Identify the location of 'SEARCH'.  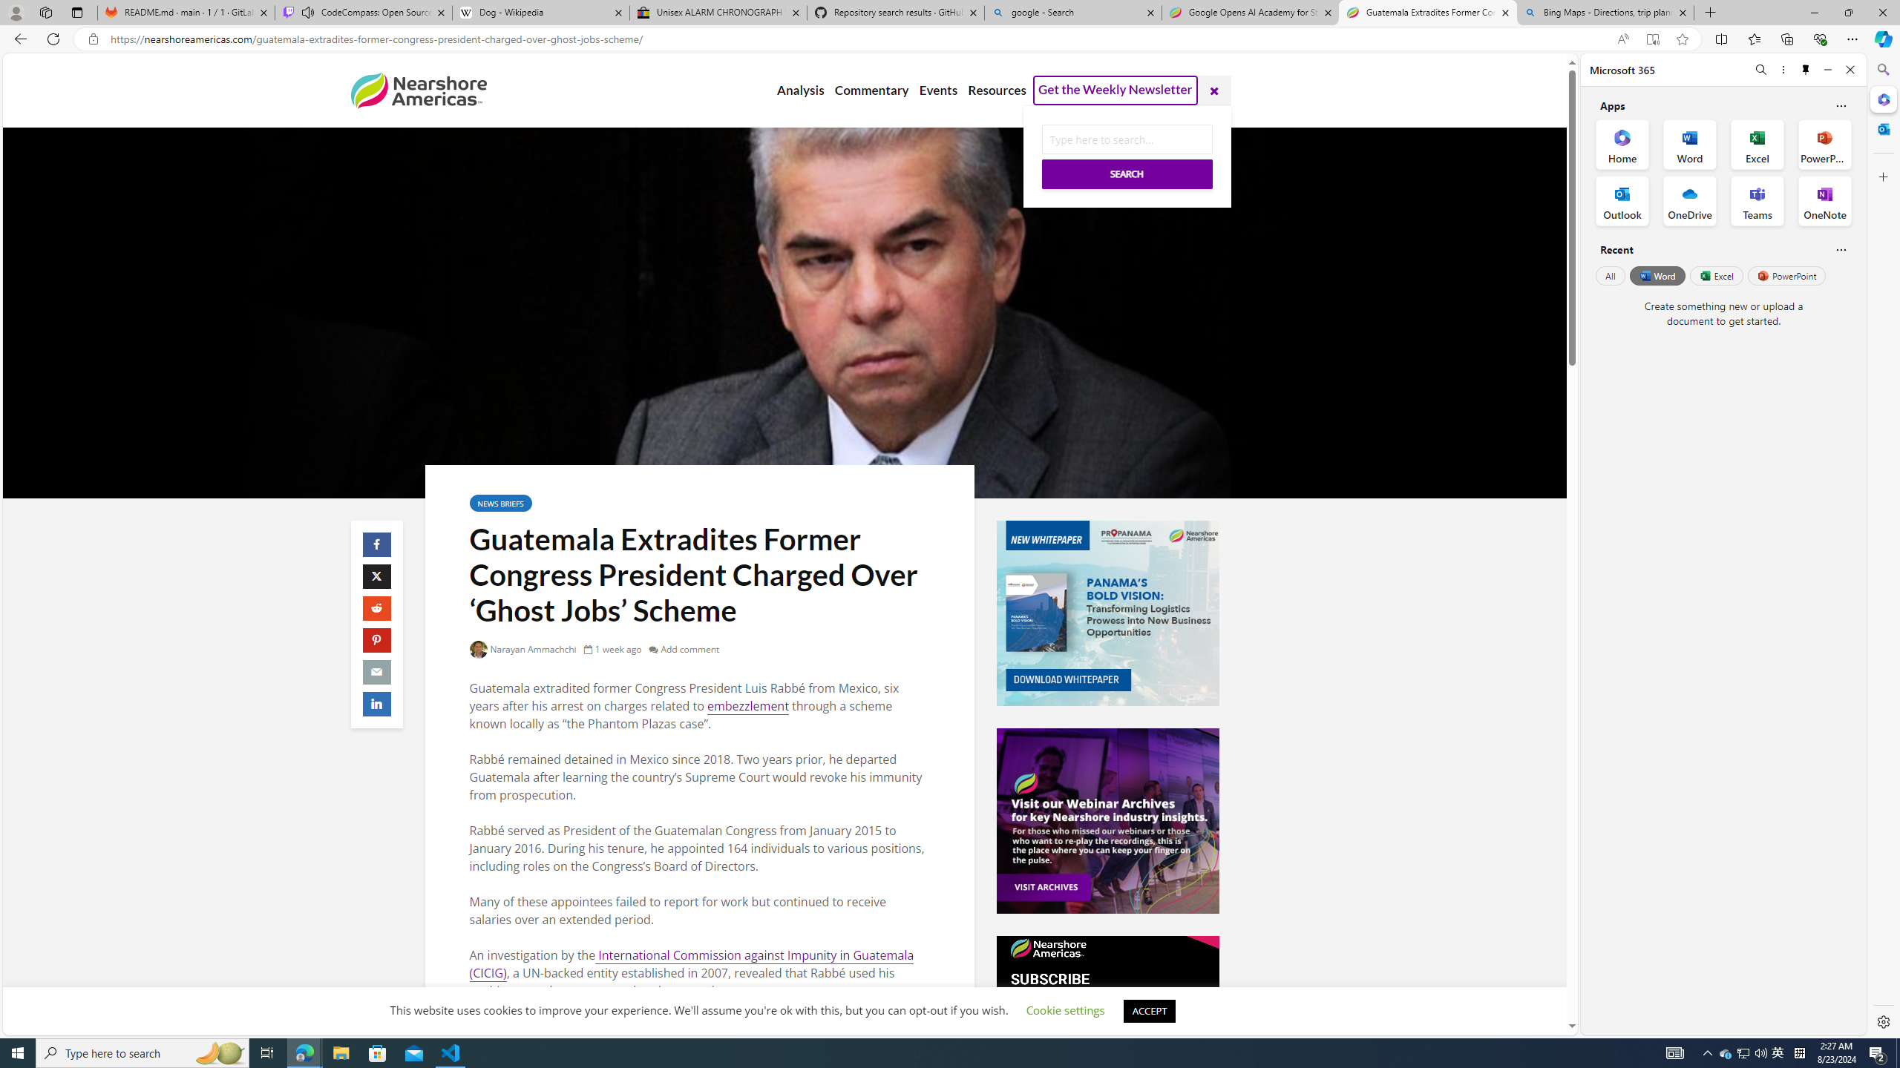
(1126, 173).